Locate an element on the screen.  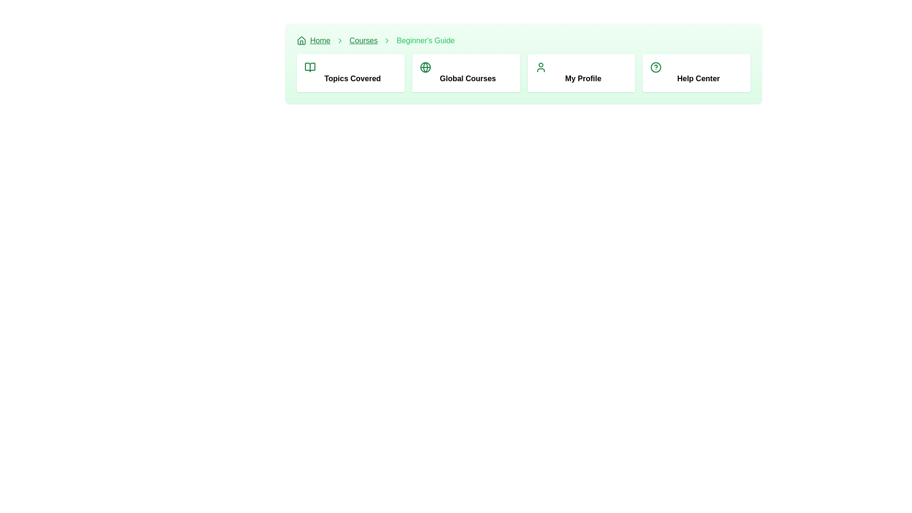
the outlined, green-colored house icon located in the breadcrumb navigation bar to the left of the text 'Home' is located at coordinates (301, 40).